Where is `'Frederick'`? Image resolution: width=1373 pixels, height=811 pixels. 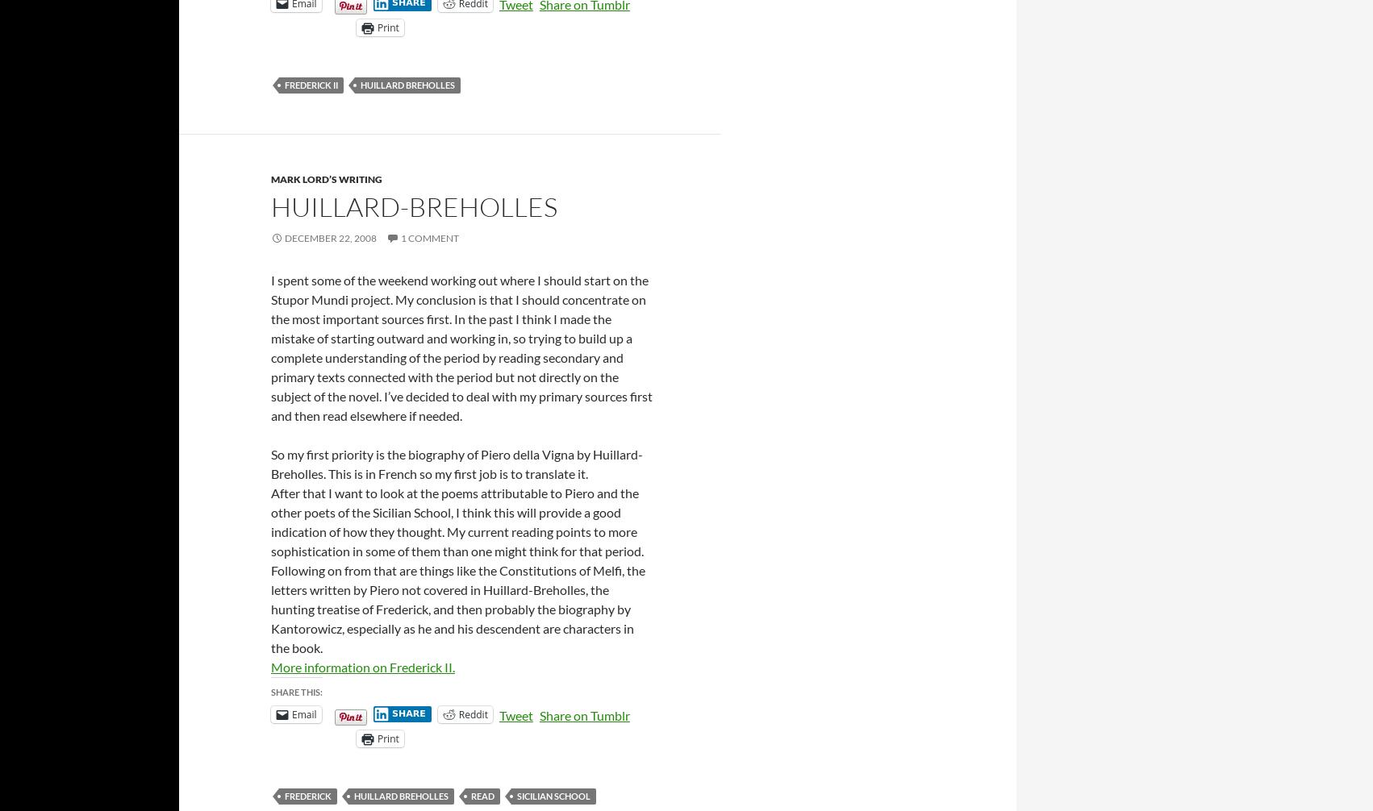
'Frederick' is located at coordinates (307, 794).